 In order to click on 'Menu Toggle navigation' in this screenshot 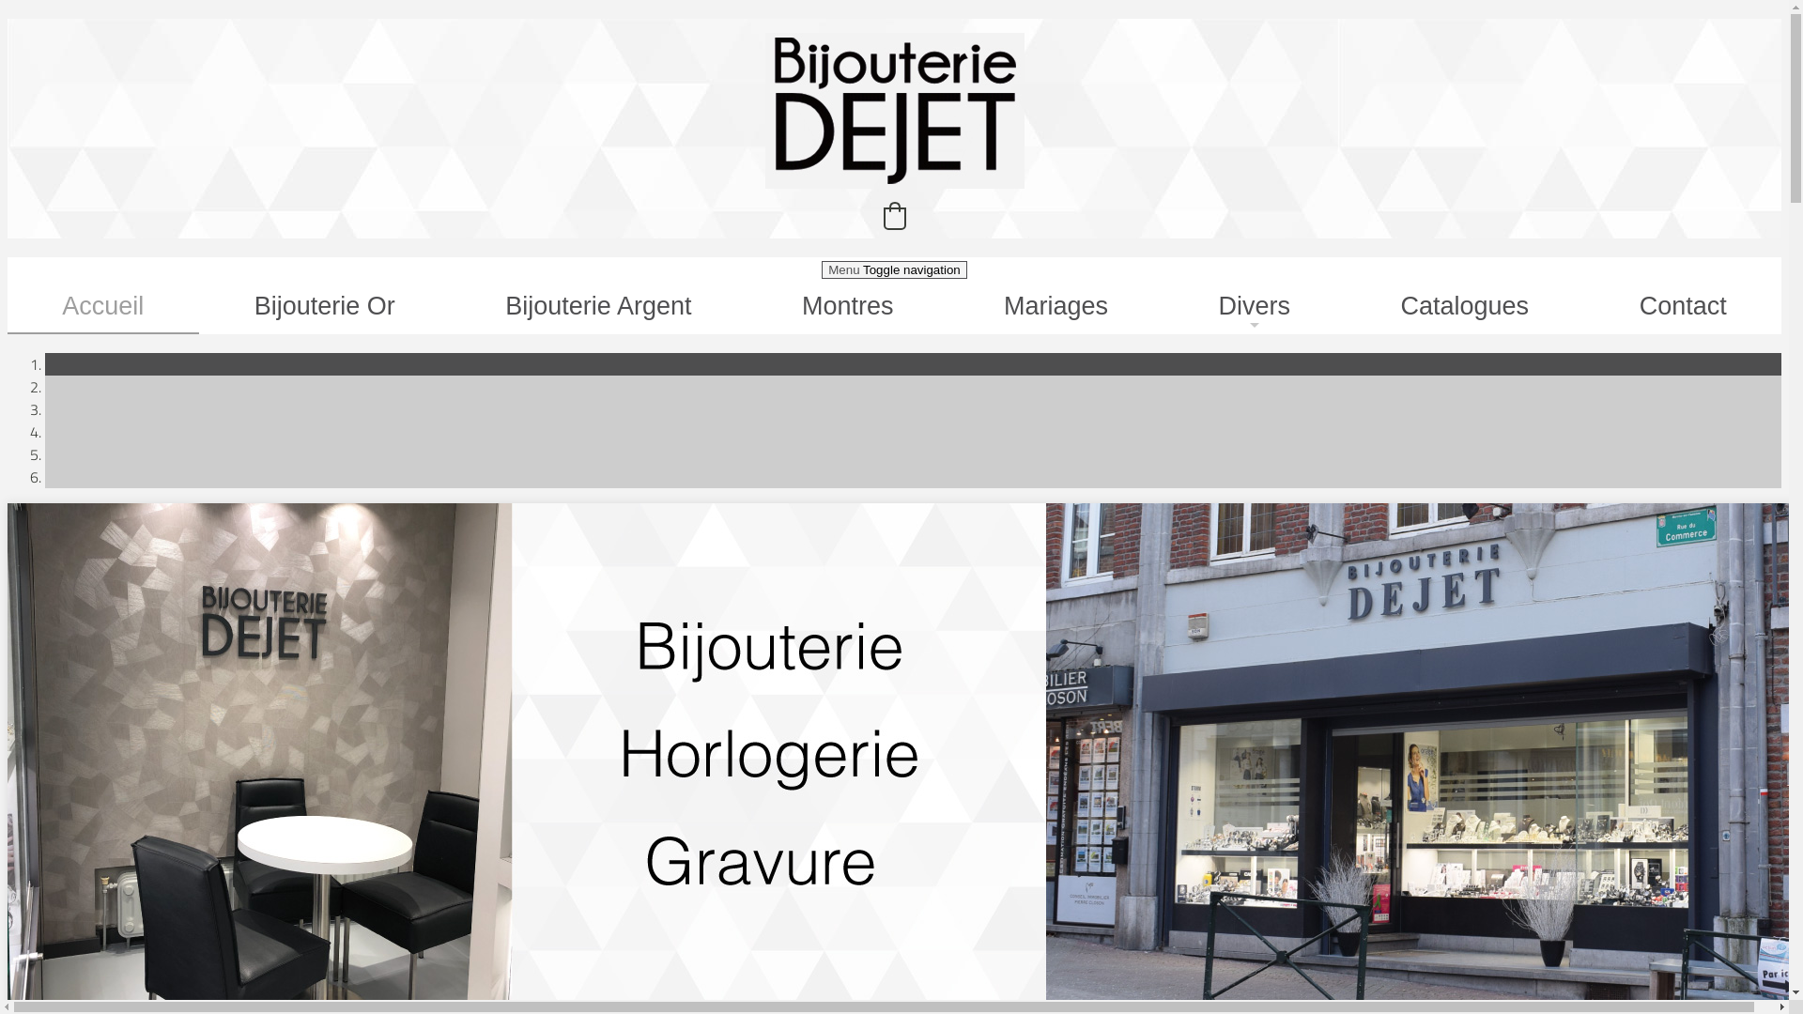, I will do `click(893, 269)`.